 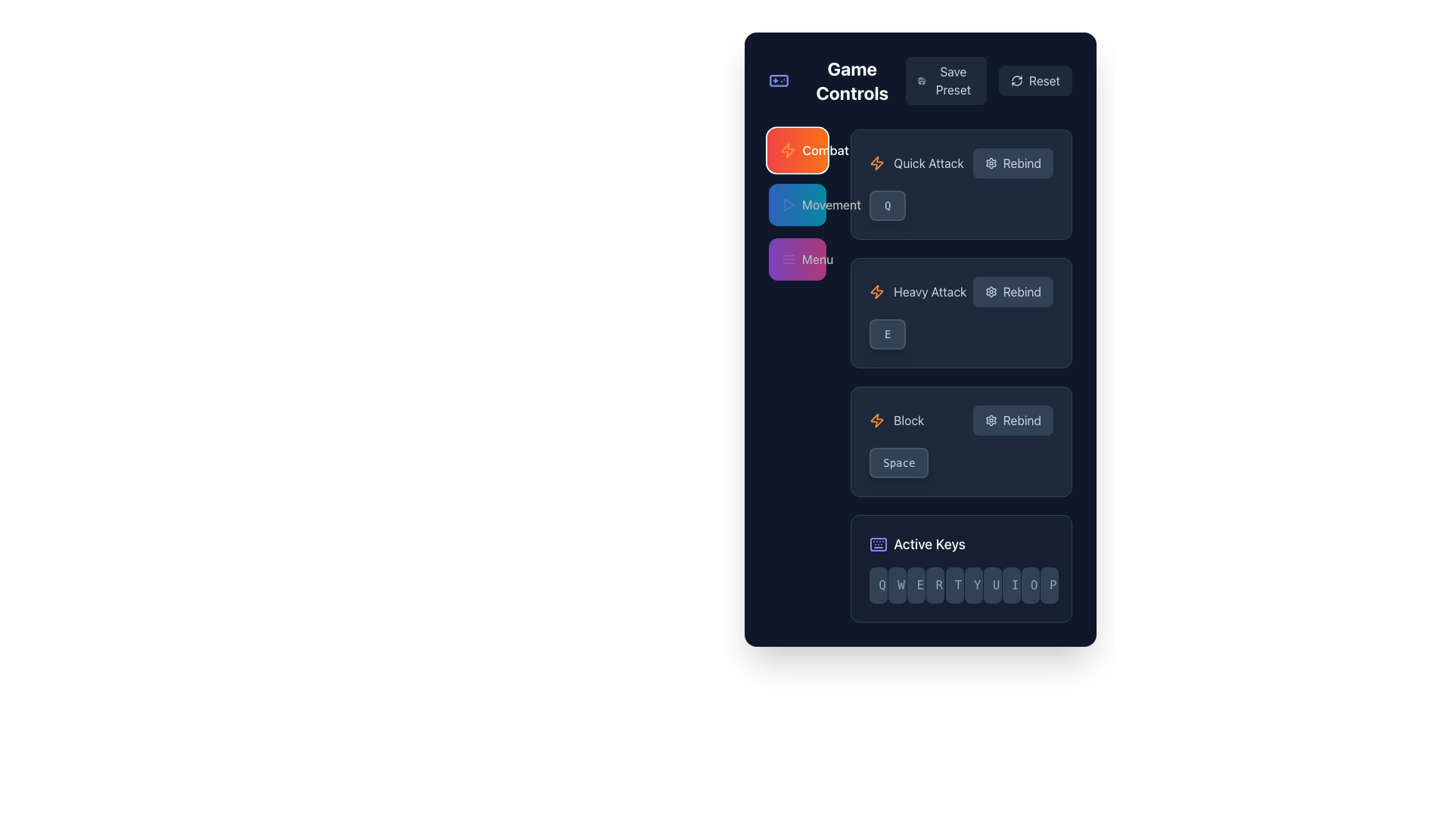 I want to click on the eighth button labeled 'I' in the 'Active Keys' section, styled in dark slate blue with light slate gray text, so click(x=1011, y=585).